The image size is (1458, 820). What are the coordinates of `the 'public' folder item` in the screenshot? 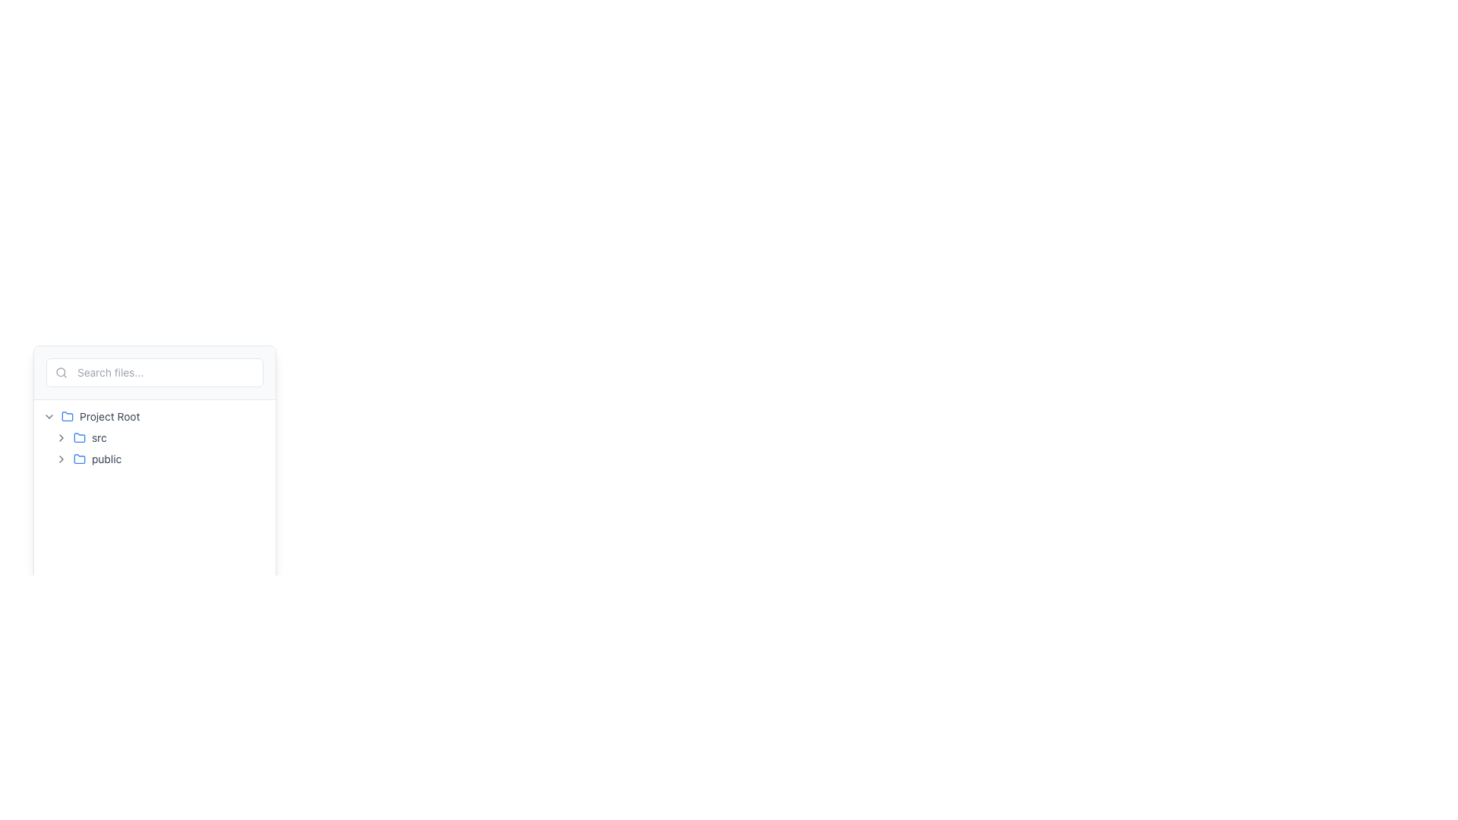 It's located at (154, 459).